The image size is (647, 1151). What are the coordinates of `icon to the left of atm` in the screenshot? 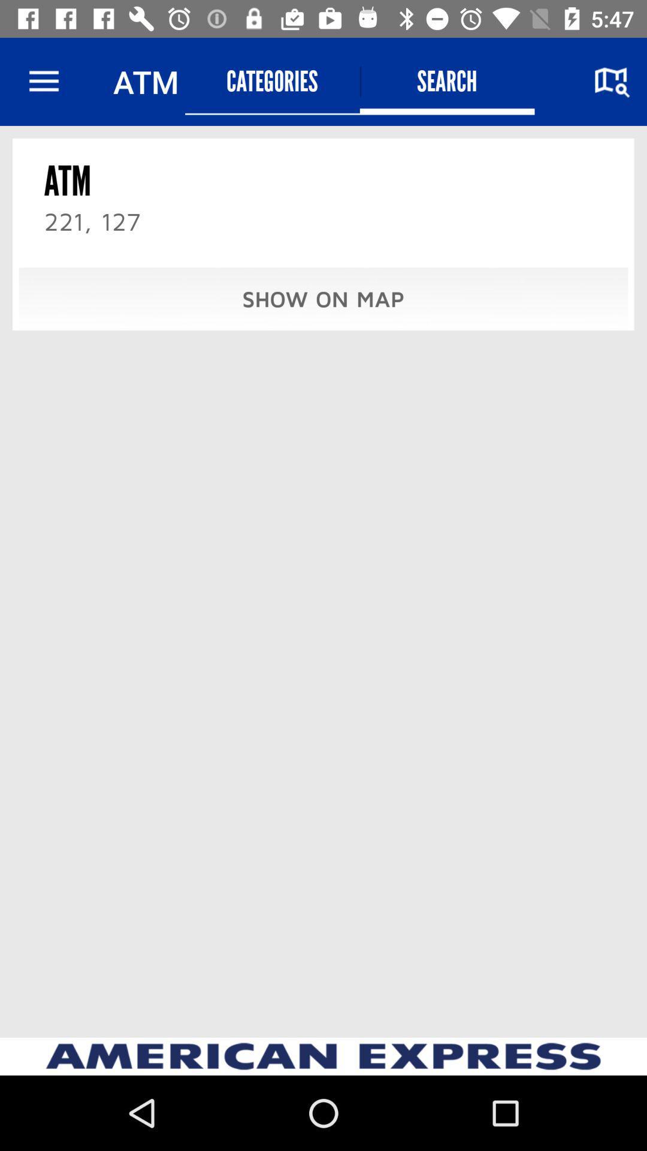 It's located at (43, 81).